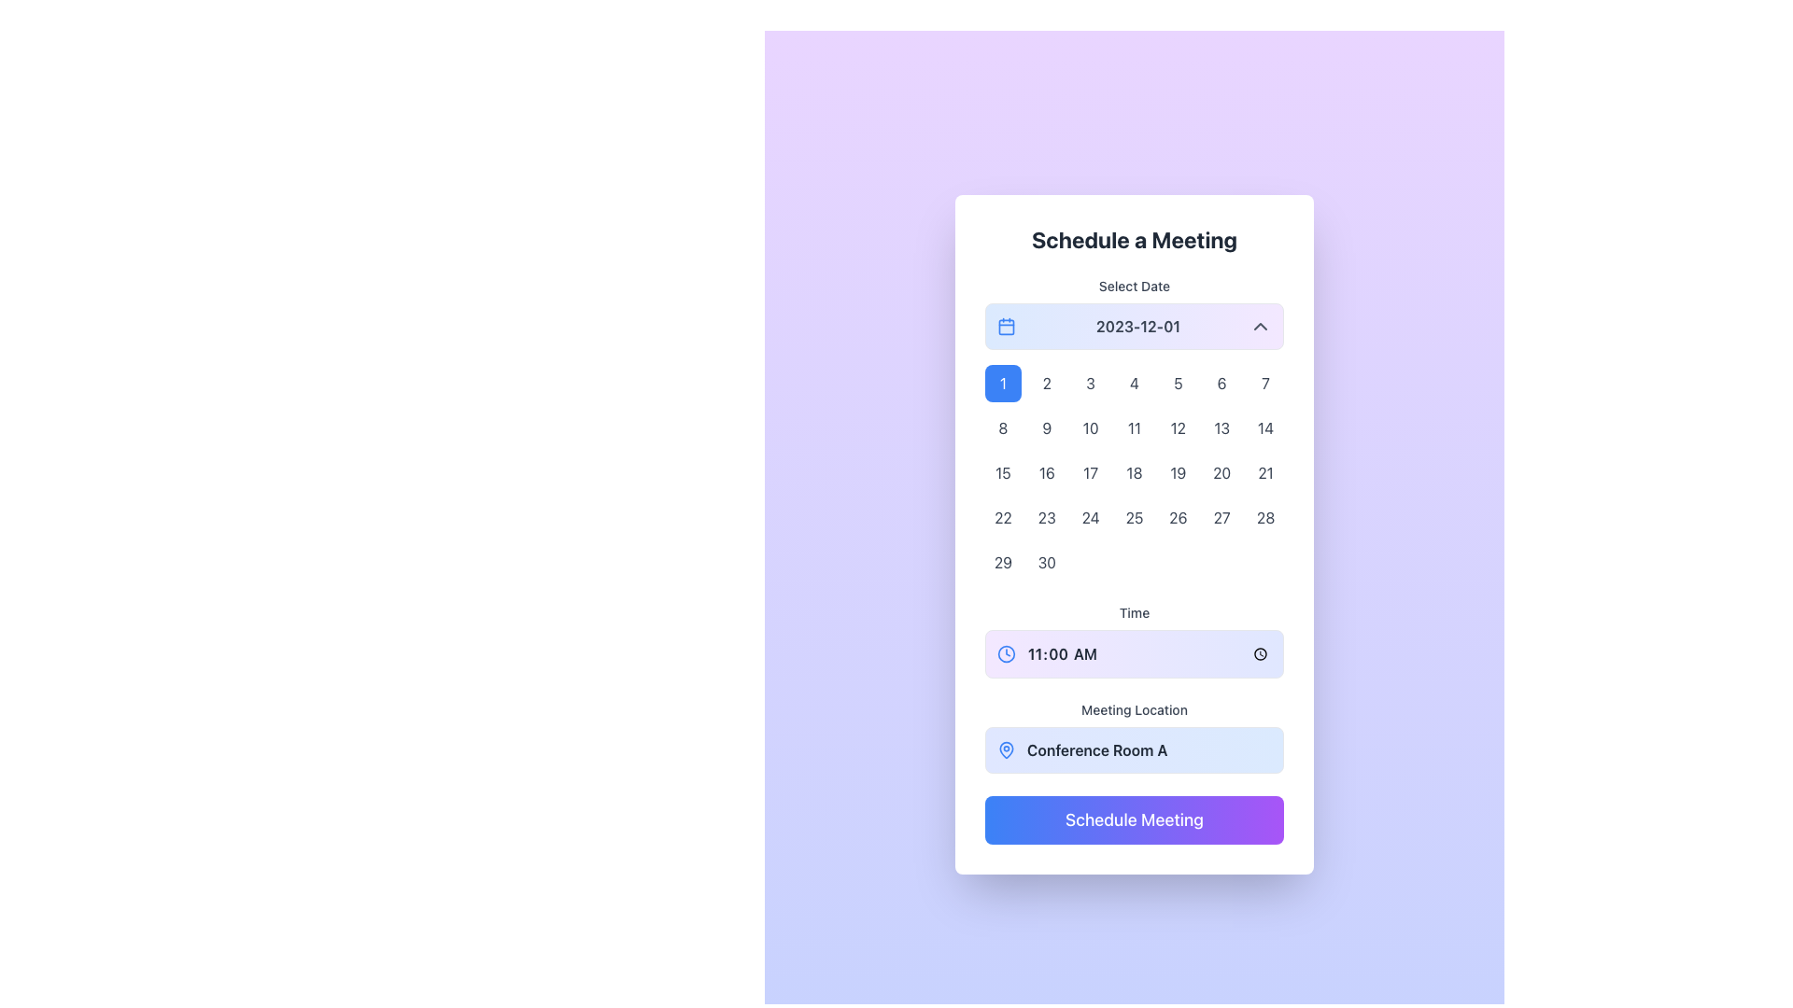 The height and width of the screenshot is (1008, 1793). Describe the element at coordinates (1133, 287) in the screenshot. I see `the 'Select Date' text label, which is styled in medium-sized dark gray font and positioned above the date selector field` at that location.